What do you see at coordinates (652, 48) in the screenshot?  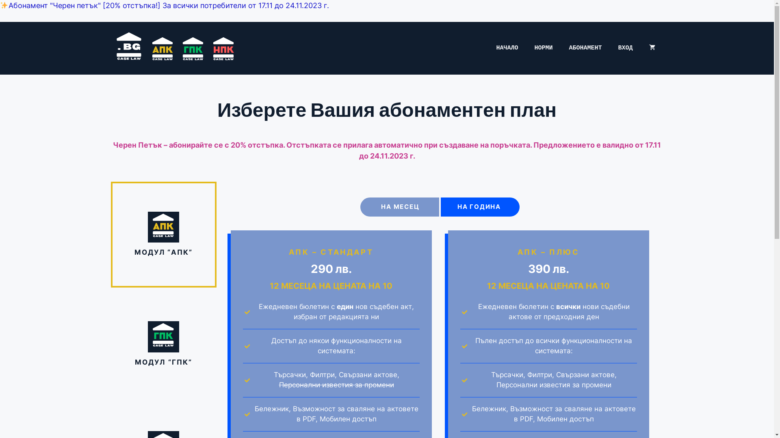 I see `'View your shopping cart'` at bounding box center [652, 48].